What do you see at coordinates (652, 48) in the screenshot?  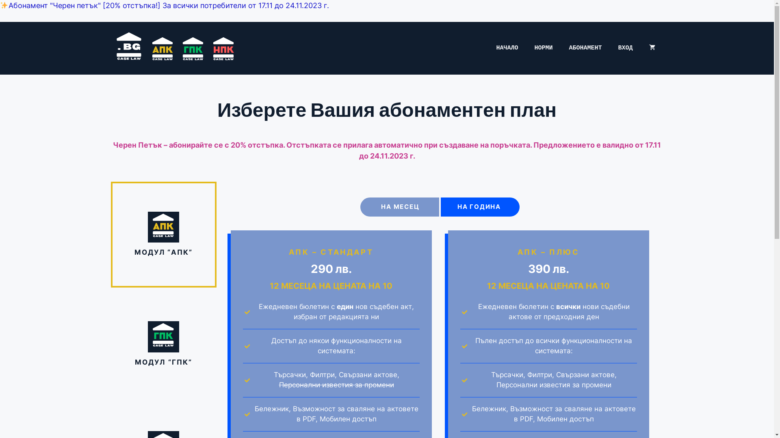 I see `'View your shopping cart'` at bounding box center [652, 48].